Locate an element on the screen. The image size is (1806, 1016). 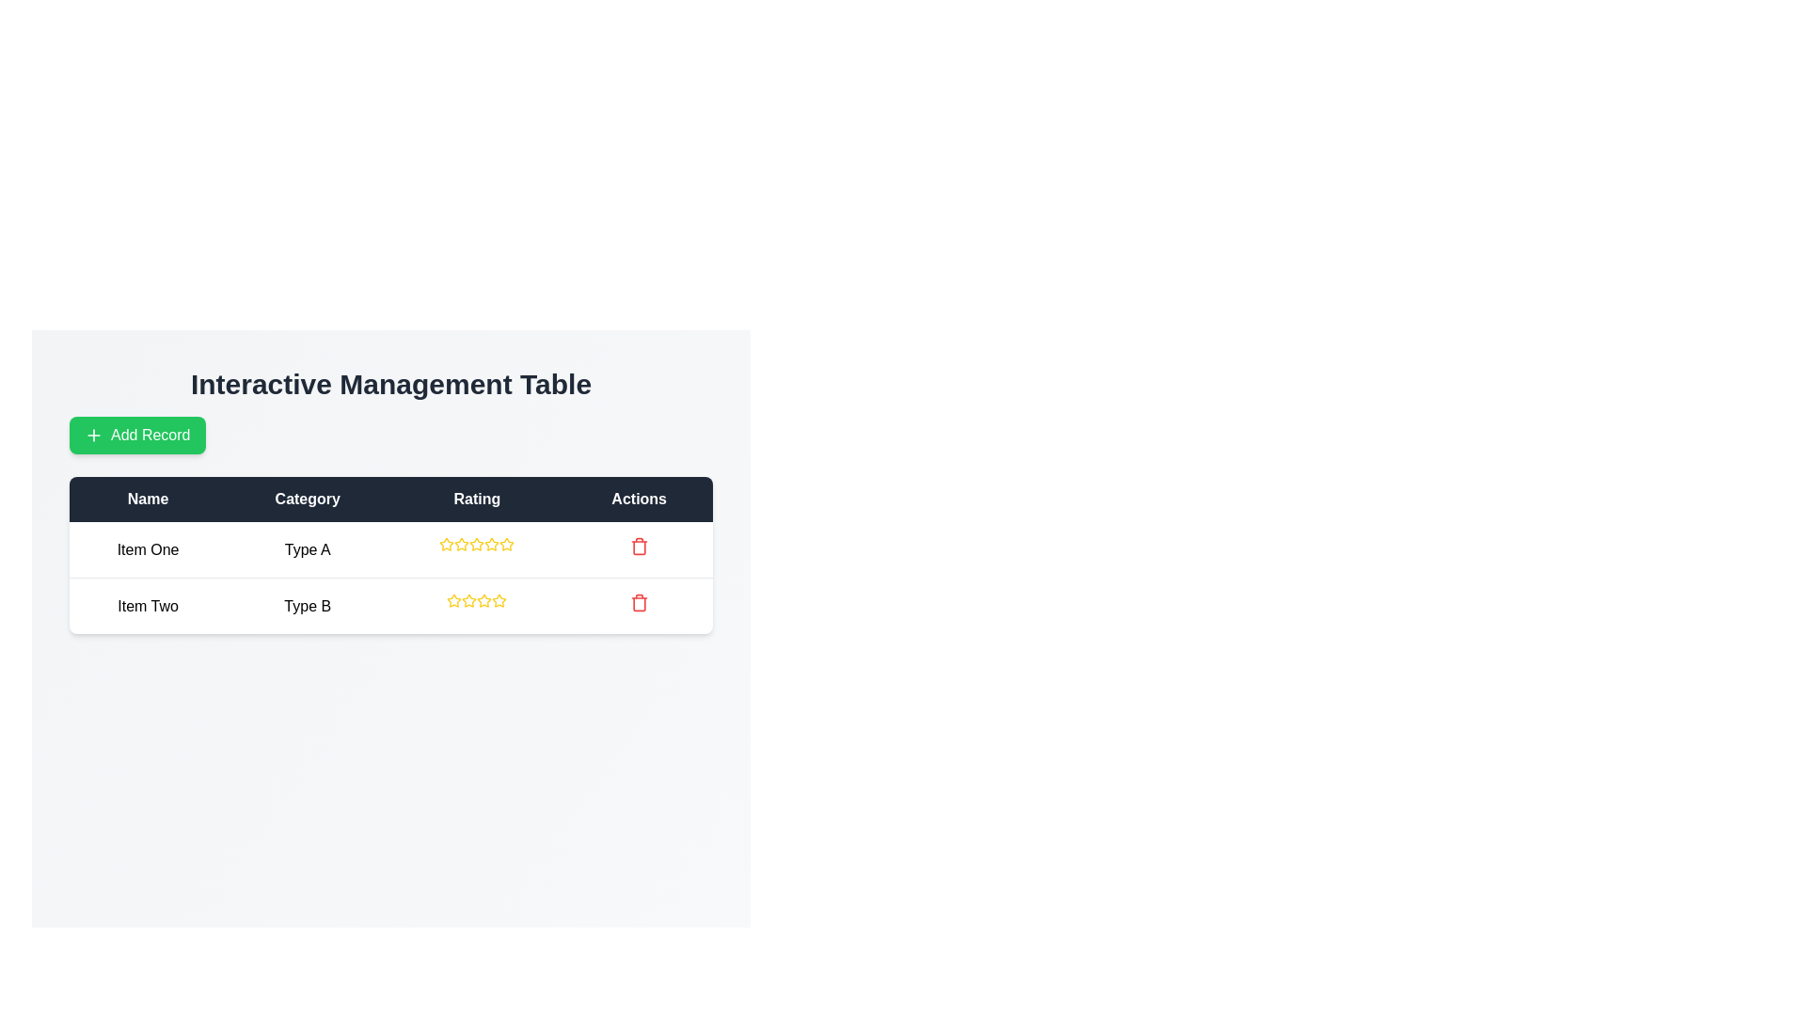
the table header cell labeled 'Category' to sort the table by category is located at coordinates (307, 499).